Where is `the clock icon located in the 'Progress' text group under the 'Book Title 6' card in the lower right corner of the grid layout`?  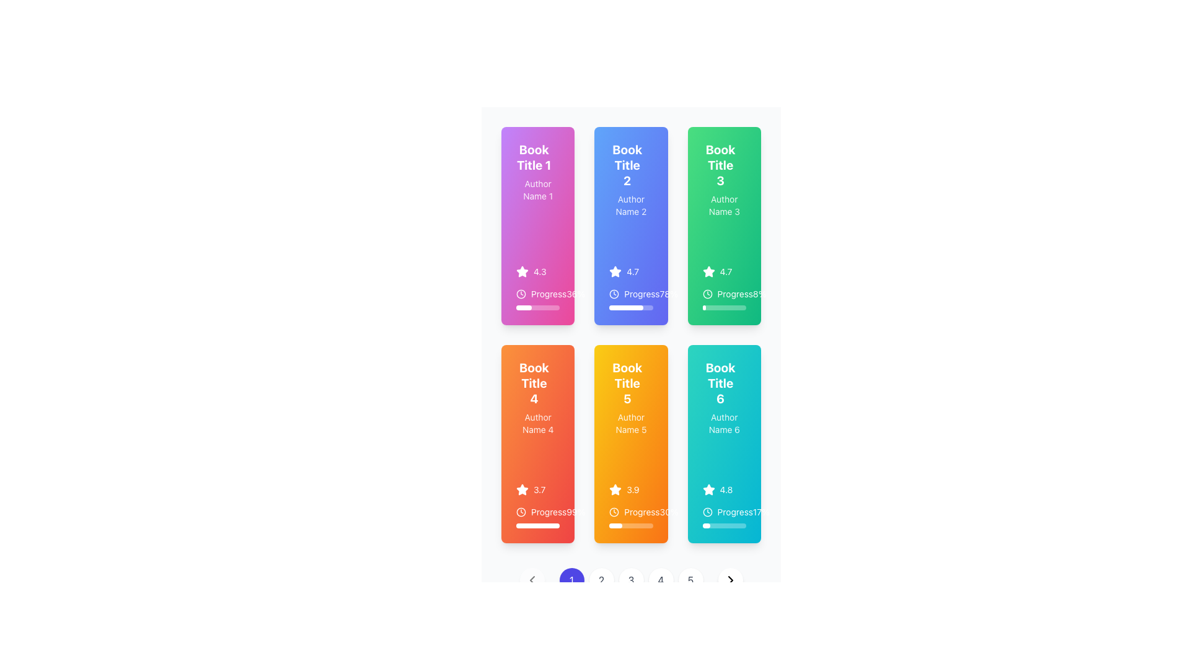 the clock icon located in the 'Progress' text group under the 'Book Title 6' card in the lower right corner of the grid layout is located at coordinates (707, 512).